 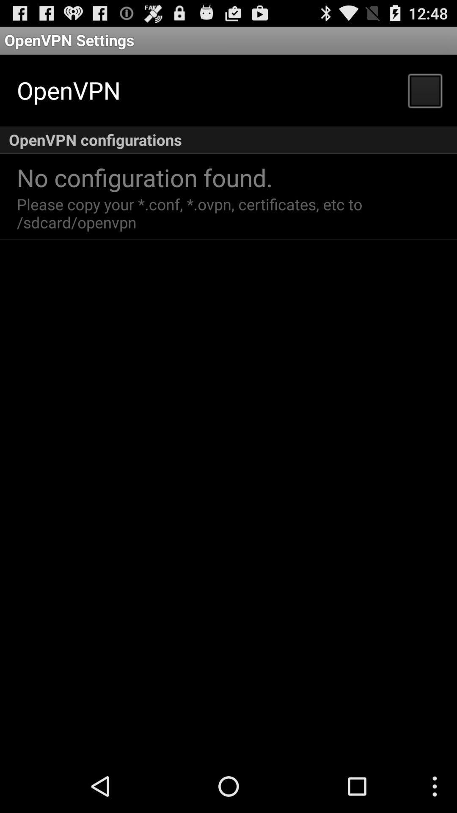 What do you see at coordinates (192, 213) in the screenshot?
I see `the please copy your app` at bounding box center [192, 213].